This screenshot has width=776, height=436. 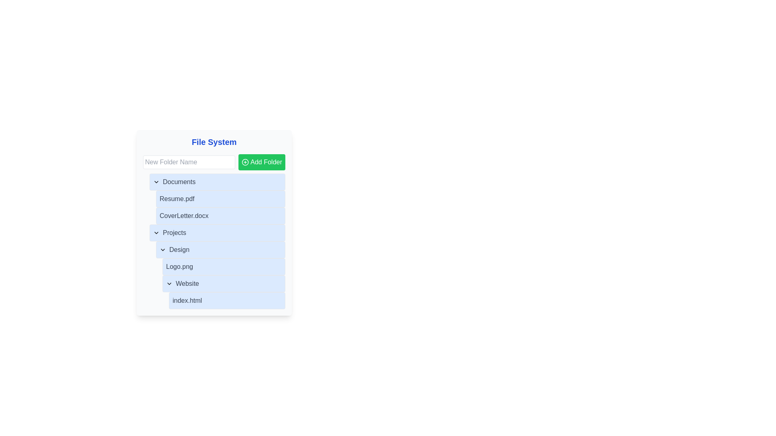 What do you see at coordinates (158, 233) in the screenshot?
I see `the downward chevron icon located to the left of the 'Projects' label for tooltip or contextual information` at bounding box center [158, 233].